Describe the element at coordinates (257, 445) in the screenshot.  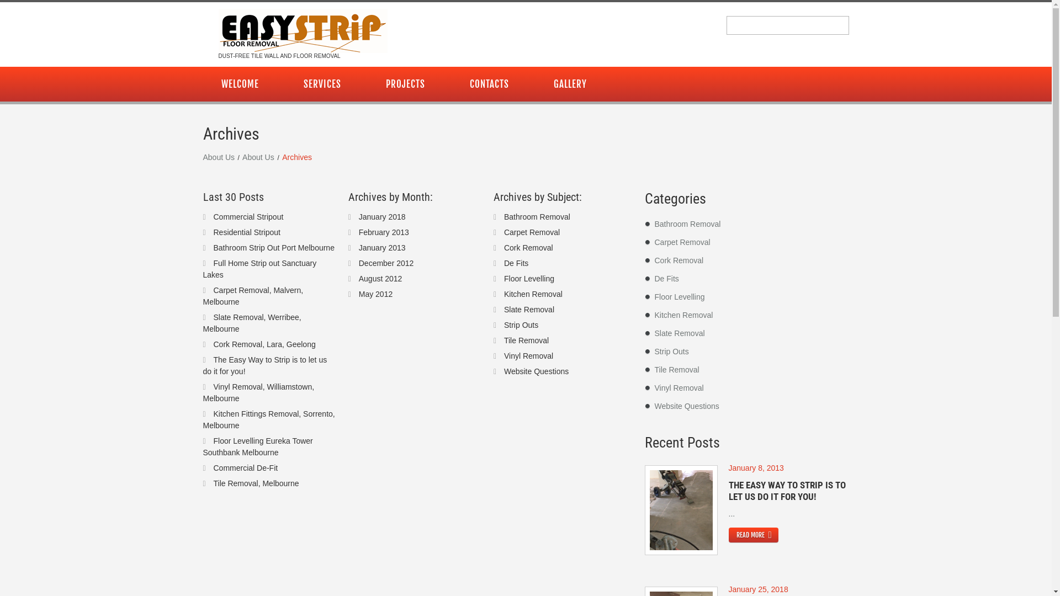
I see `'Floor Levelling Eureka Tower Southbank Melbourne'` at that location.